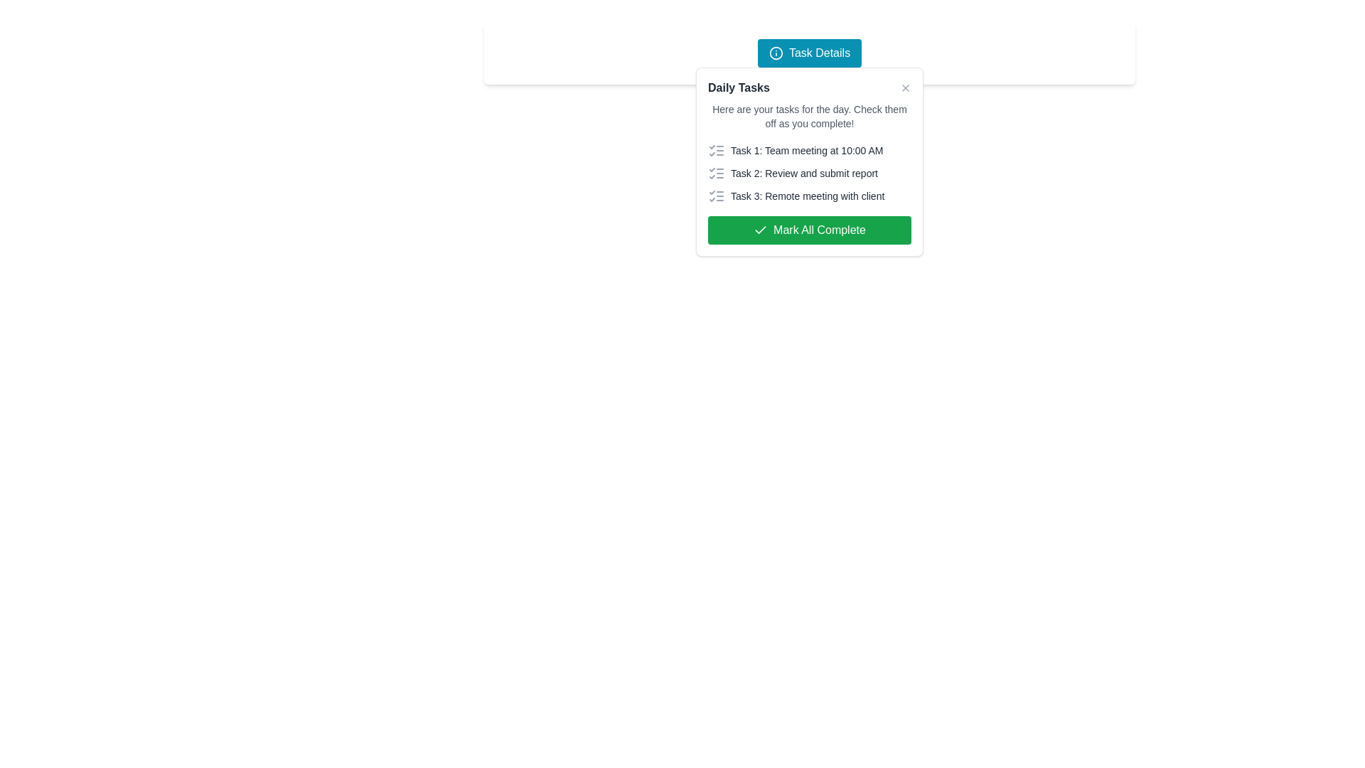 This screenshot has height=768, width=1365. Describe the element at coordinates (809, 52) in the screenshot. I see `the button with a cyan background and white text reading 'Task Details'` at that location.